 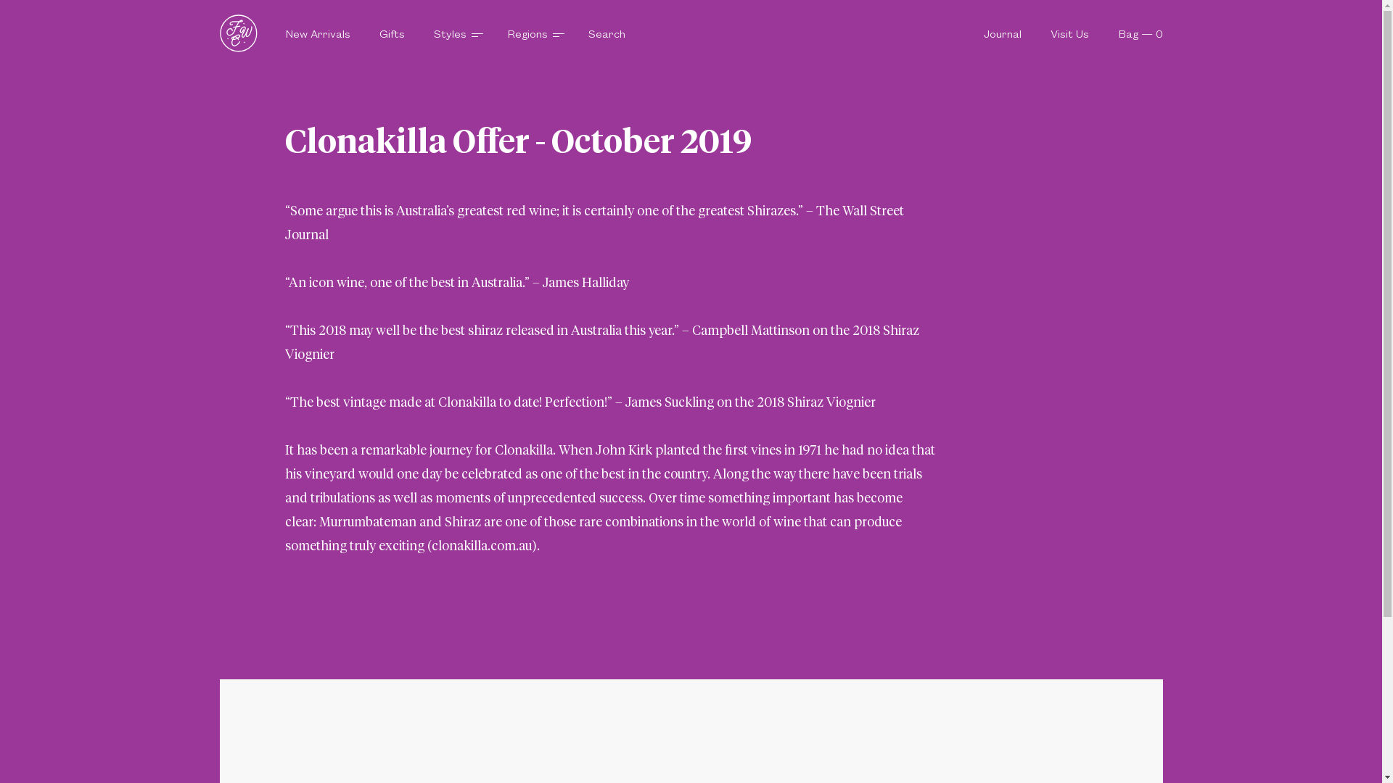 I want to click on 'New Arrivals', so click(x=316, y=33).